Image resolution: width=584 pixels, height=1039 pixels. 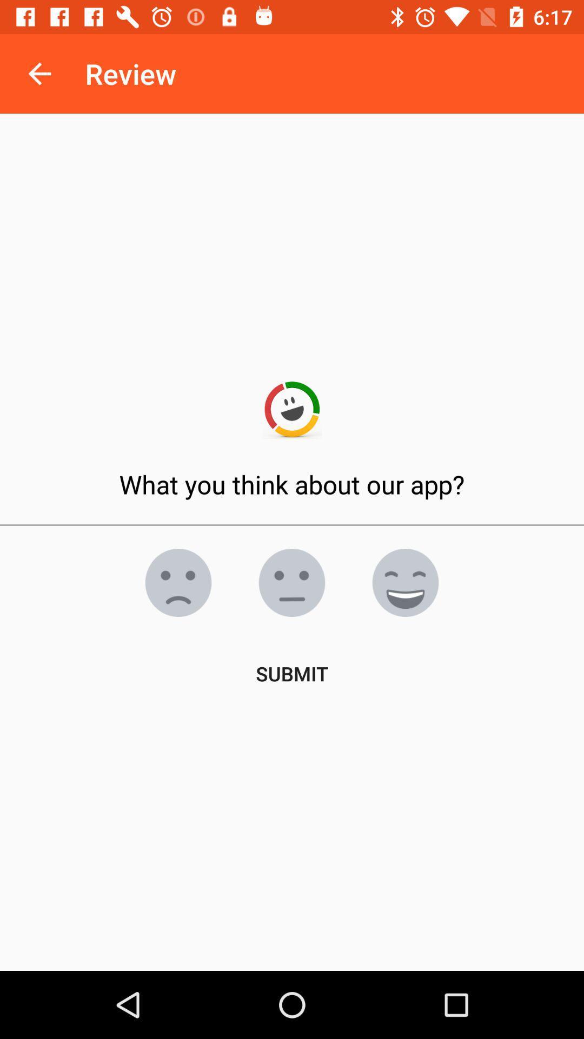 I want to click on rate the sad face, so click(x=178, y=582).